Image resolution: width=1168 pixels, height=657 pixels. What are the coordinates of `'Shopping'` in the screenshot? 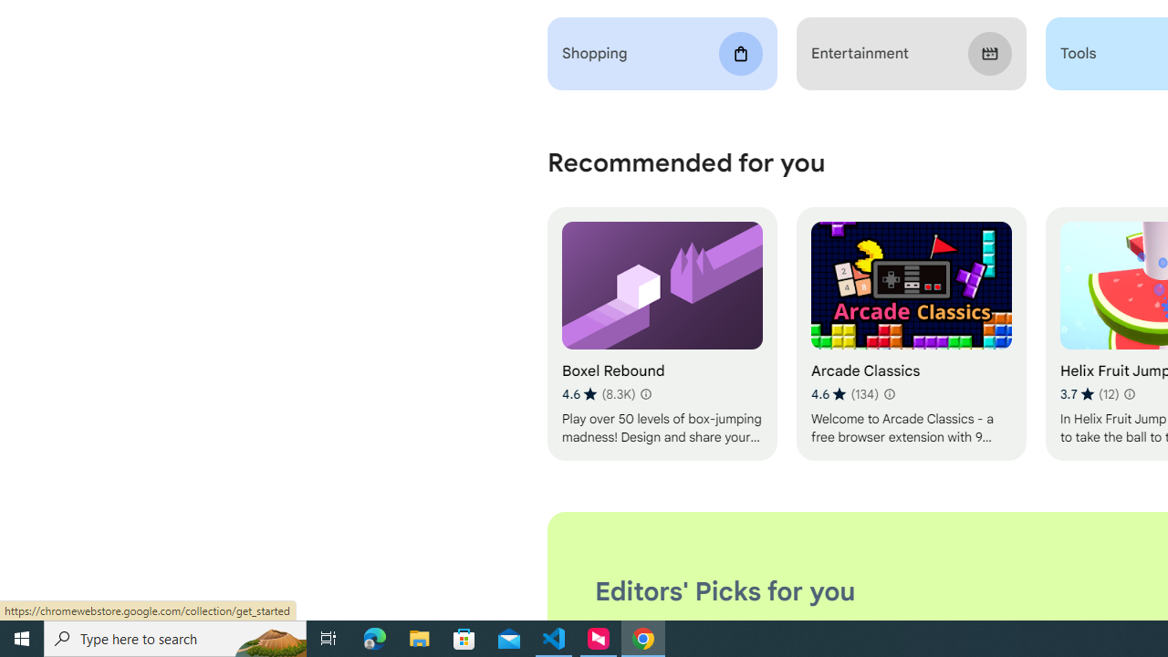 It's located at (661, 53).